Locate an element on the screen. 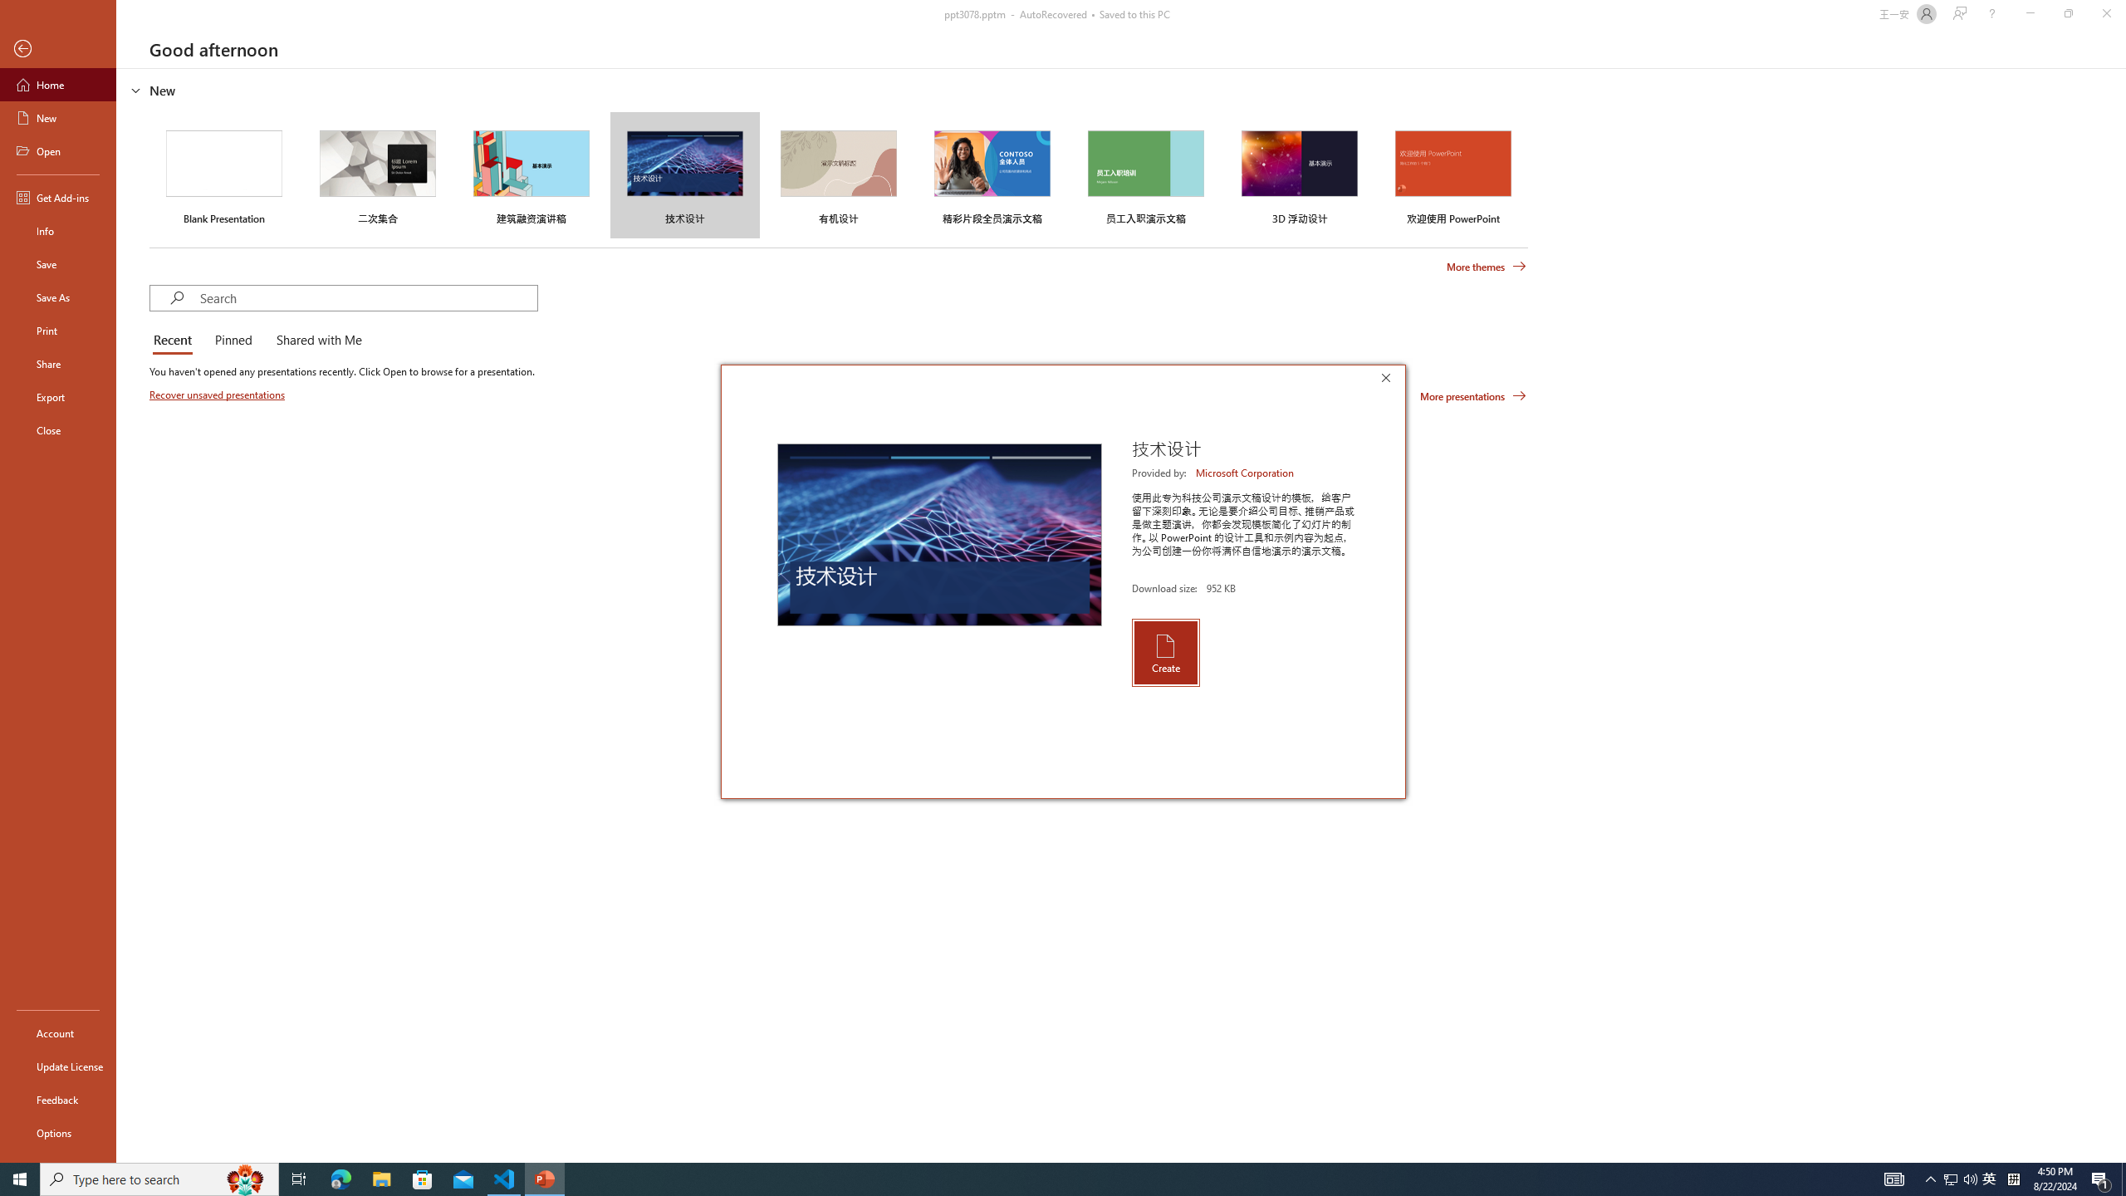 This screenshot has height=1196, width=2126. 'Print' is located at coordinates (57, 330).